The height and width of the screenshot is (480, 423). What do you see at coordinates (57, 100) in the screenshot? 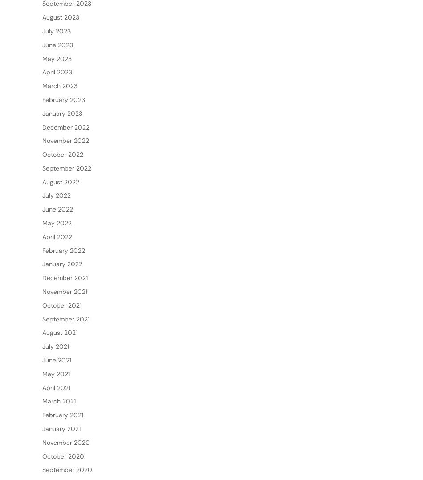
I see `'April 2023'` at bounding box center [57, 100].